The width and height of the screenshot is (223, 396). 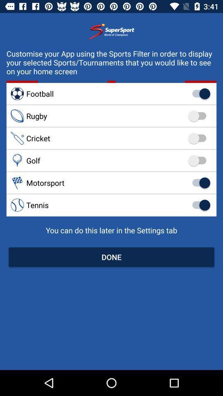 What do you see at coordinates (111, 138) in the screenshot?
I see `cricket item` at bounding box center [111, 138].